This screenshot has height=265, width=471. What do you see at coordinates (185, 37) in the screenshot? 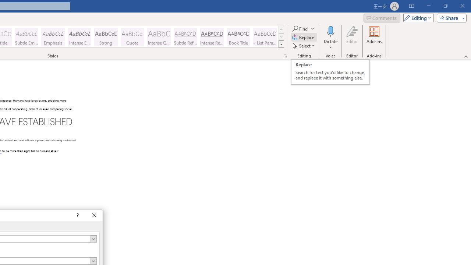
I see `'Subtle Reference'` at bounding box center [185, 37].